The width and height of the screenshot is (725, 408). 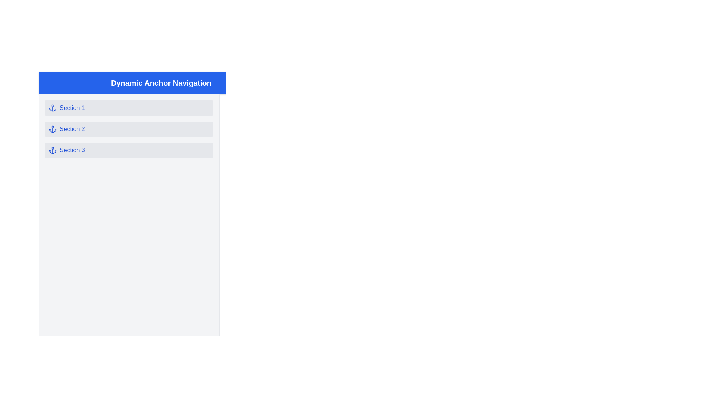 I want to click on the blue anchor icon in the navigation menu, so click(x=52, y=129).